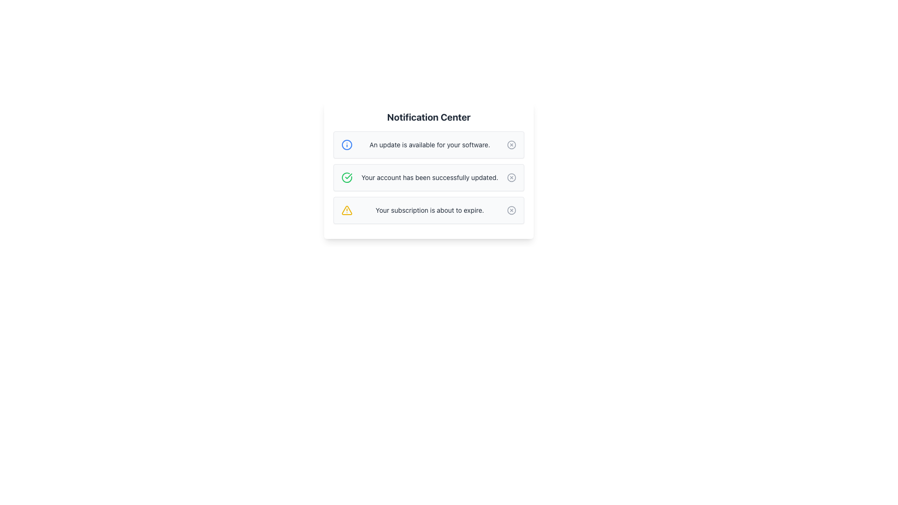 The height and width of the screenshot is (505, 898). Describe the element at coordinates (428, 116) in the screenshot. I see `the 'Notification Center' title header, which is a bold, large-sized text label displayed in dark gray at the top of the notification card interface` at that location.